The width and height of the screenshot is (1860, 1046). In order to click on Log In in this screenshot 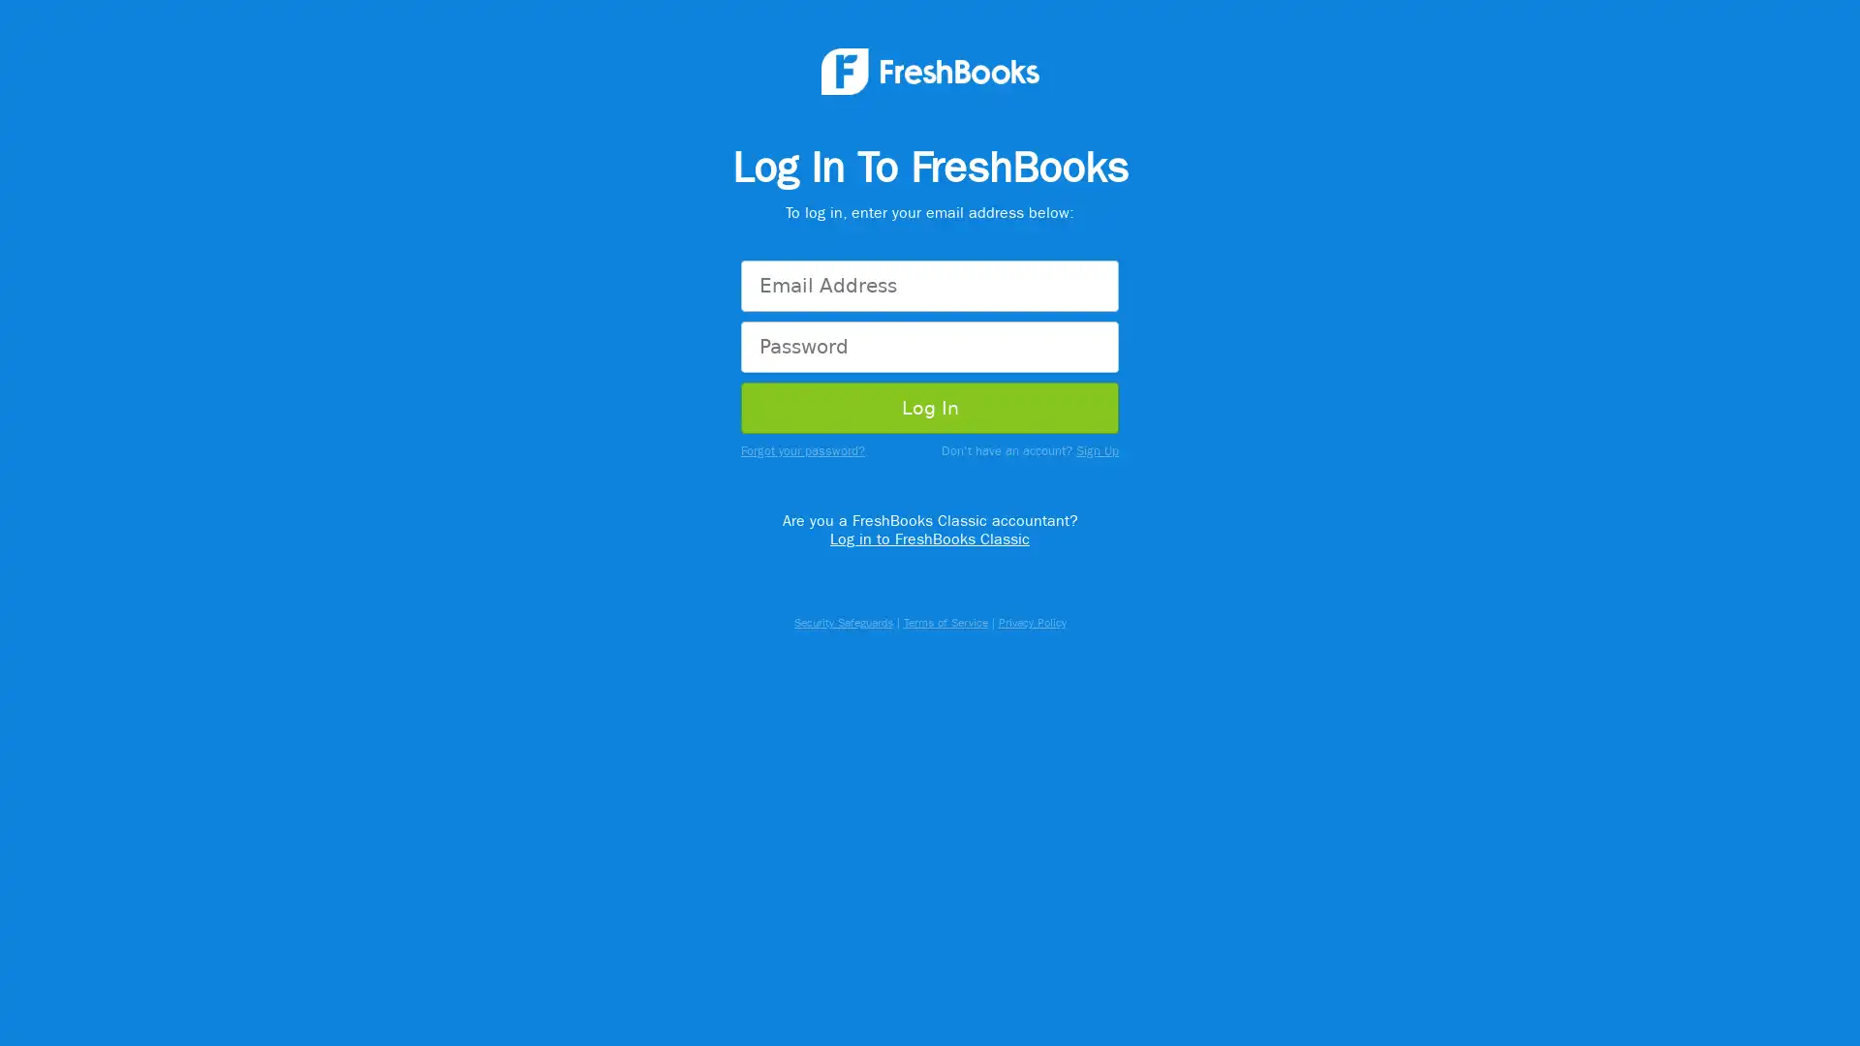, I will do `click(930, 410)`.